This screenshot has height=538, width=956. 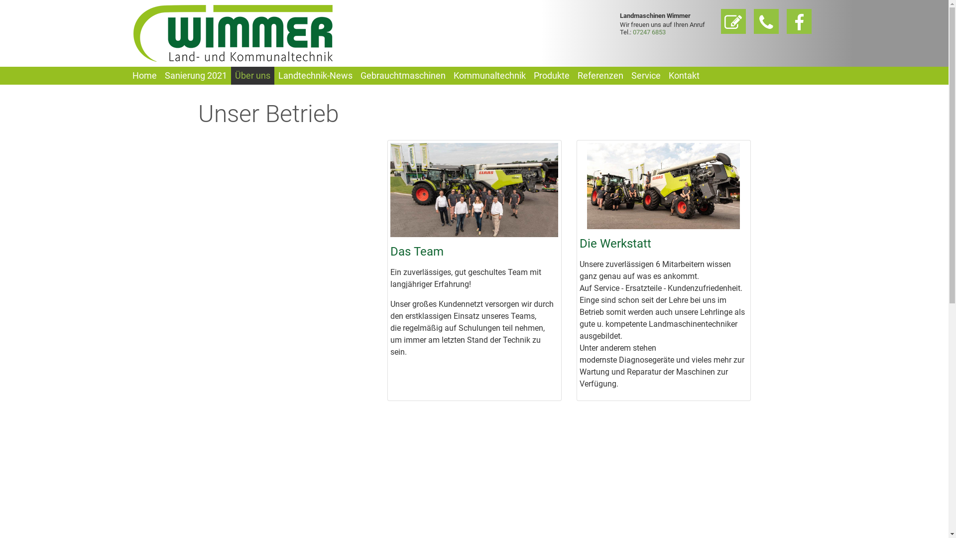 I want to click on 'Service', so click(x=626, y=75).